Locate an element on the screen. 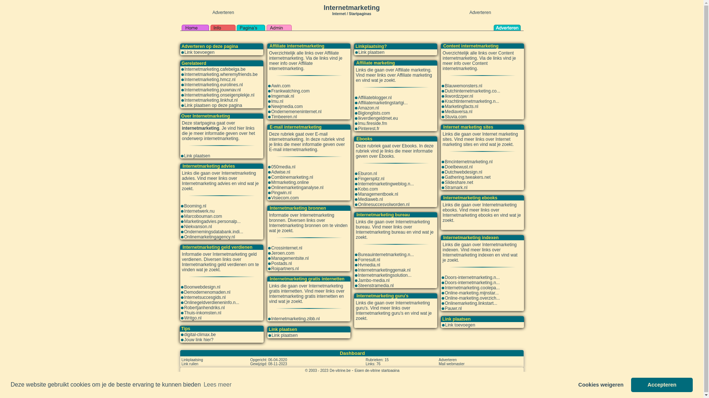 This screenshot has height=398, width=709. 'Pinterest.fr' is located at coordinates (369, 128).